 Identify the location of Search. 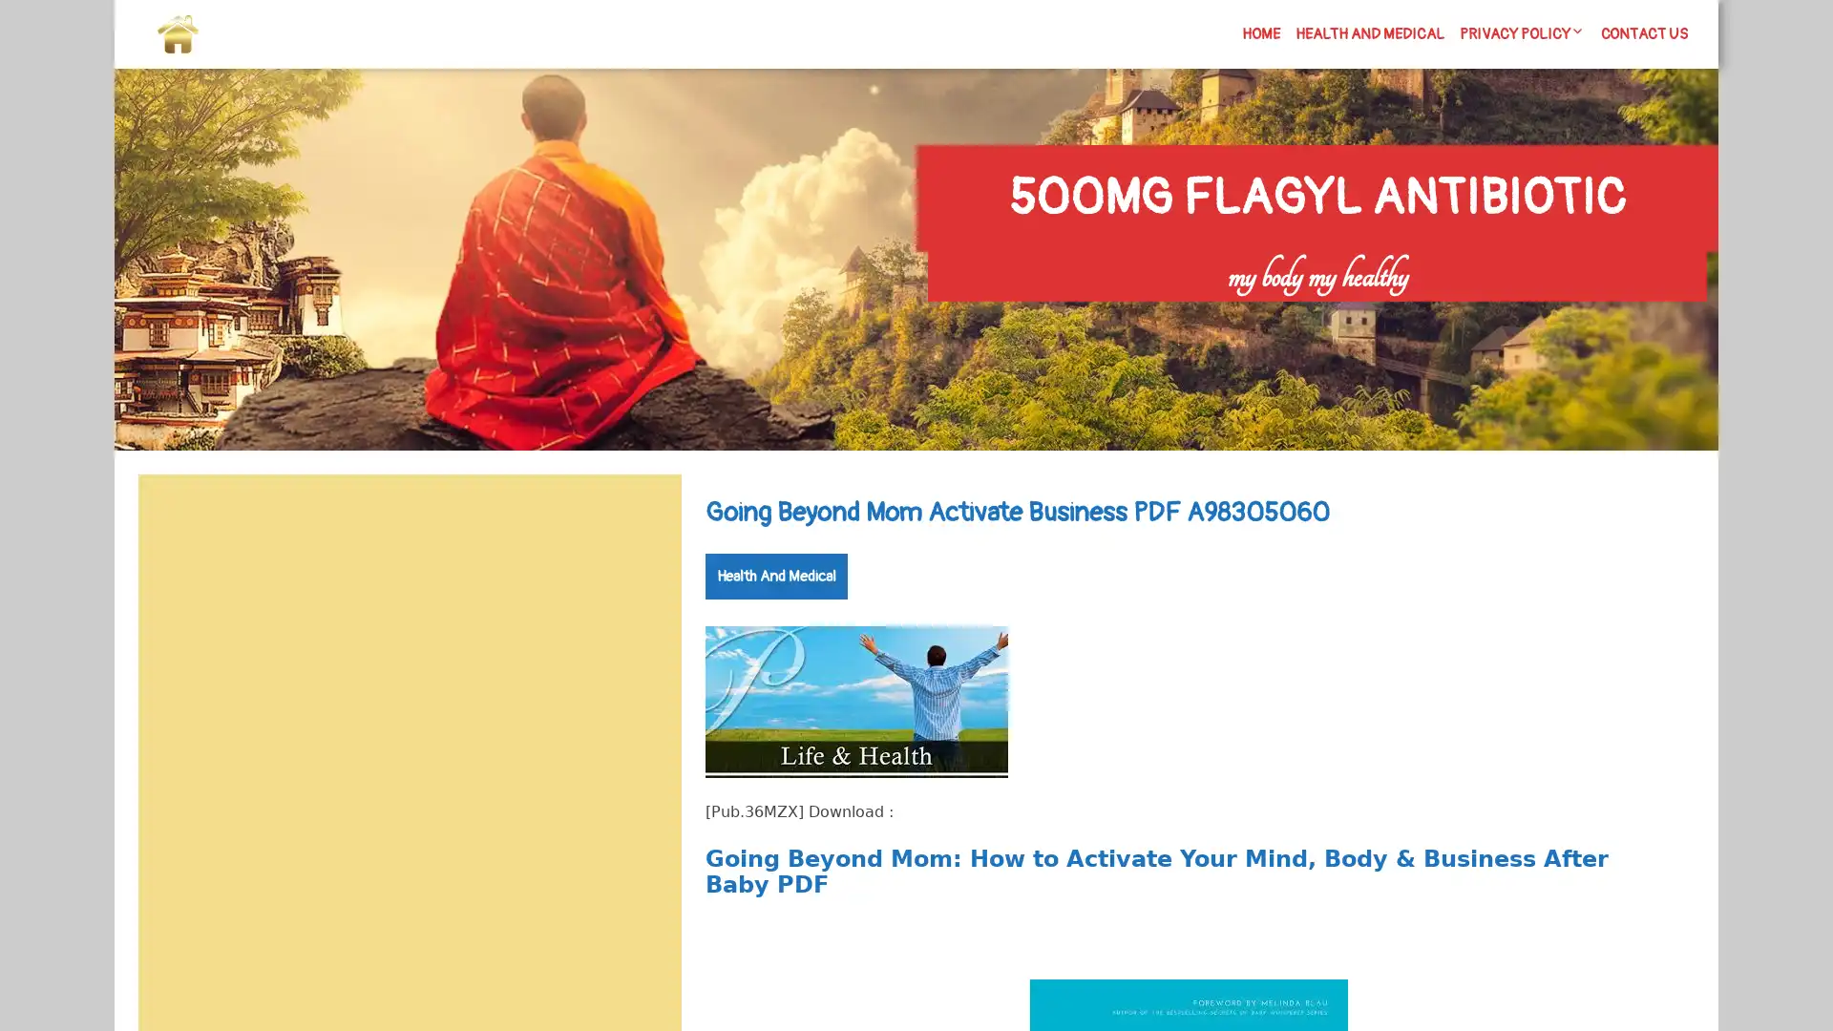
(637, 520).